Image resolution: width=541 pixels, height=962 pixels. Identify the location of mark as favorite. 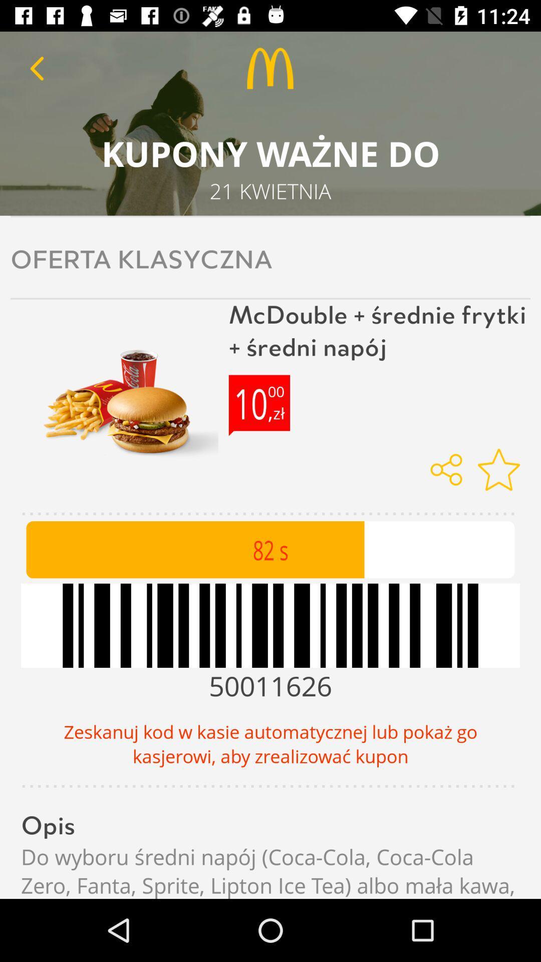
(498, 469).